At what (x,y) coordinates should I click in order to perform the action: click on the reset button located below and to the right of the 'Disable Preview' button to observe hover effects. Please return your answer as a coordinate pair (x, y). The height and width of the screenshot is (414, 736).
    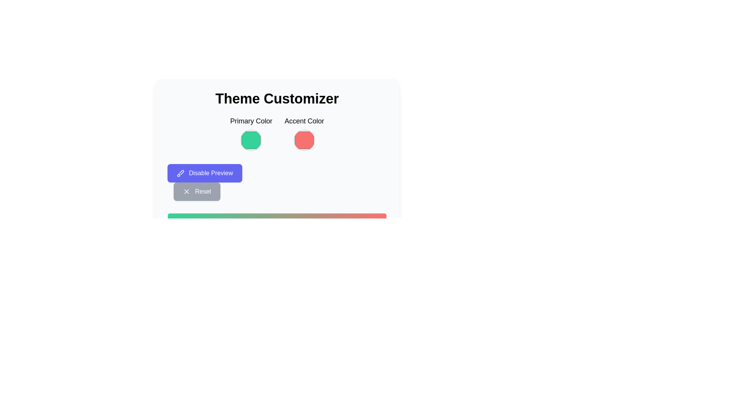
    Looking at the image, I should click on (197, 191).